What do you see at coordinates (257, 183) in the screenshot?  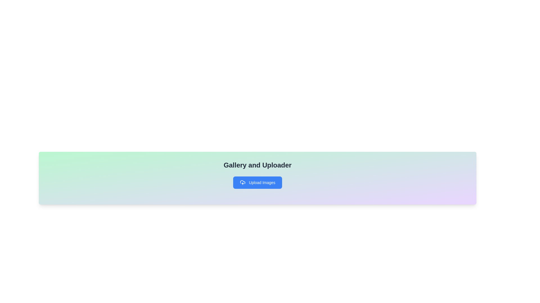 I see `the blue rectangular button labeled 'Upload Images' with a cloud icon to change its hover state` at bounding box center [257, 183].